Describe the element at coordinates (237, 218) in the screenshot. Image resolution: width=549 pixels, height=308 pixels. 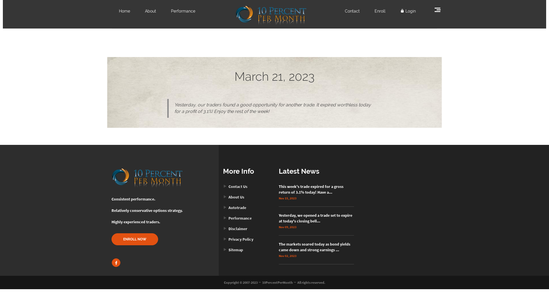
I see `'Performance'` at that location.